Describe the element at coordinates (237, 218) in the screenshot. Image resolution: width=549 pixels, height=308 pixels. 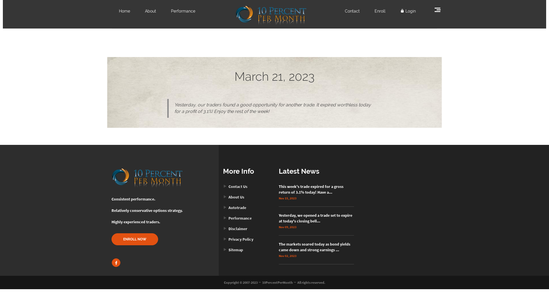
I see `'Performance'` at that location.